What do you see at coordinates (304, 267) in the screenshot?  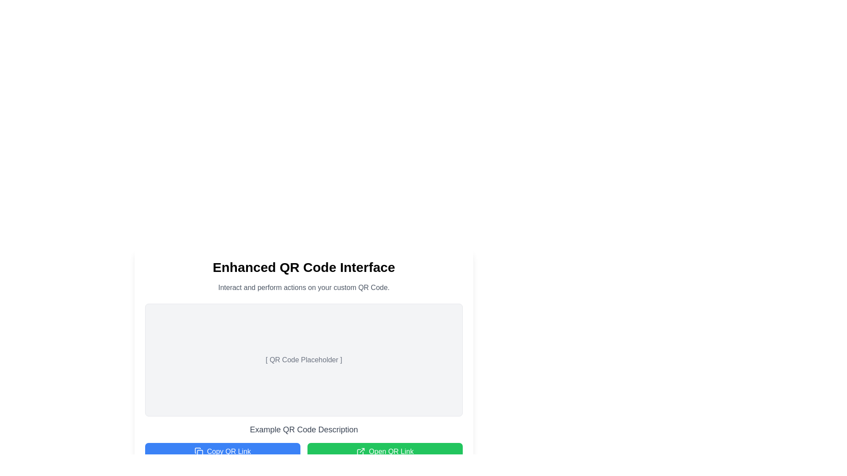 I see `the title text element that describes the section, positioned centrally above the descriptive text about interacting with a custom QR Code` at bounding box center [304, 267].